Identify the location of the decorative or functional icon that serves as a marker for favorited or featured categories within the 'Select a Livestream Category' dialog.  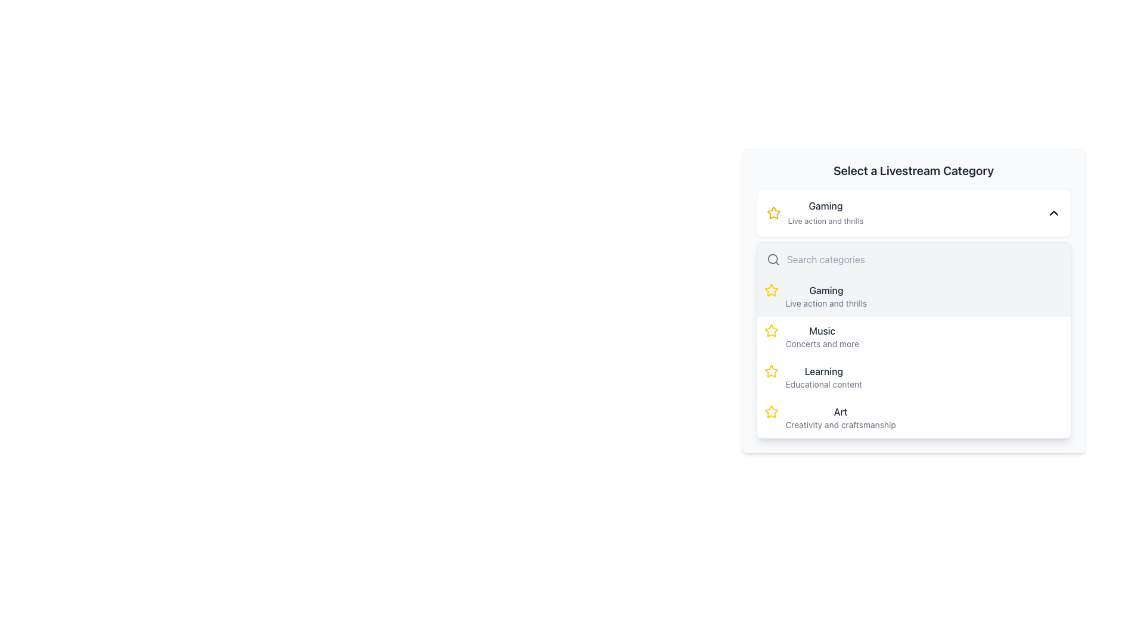
(773, 212).